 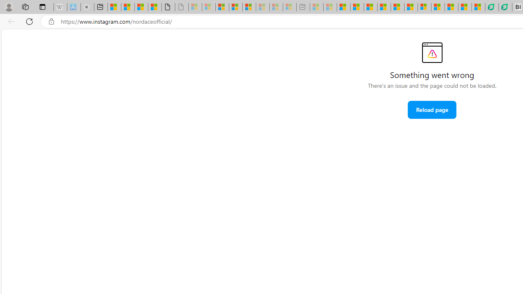 What do you see at coordinates (209, 7) in the screenshot?
I see `'Microsoft Services Agreement - Sleeping'` at bounding box center [209, 7].